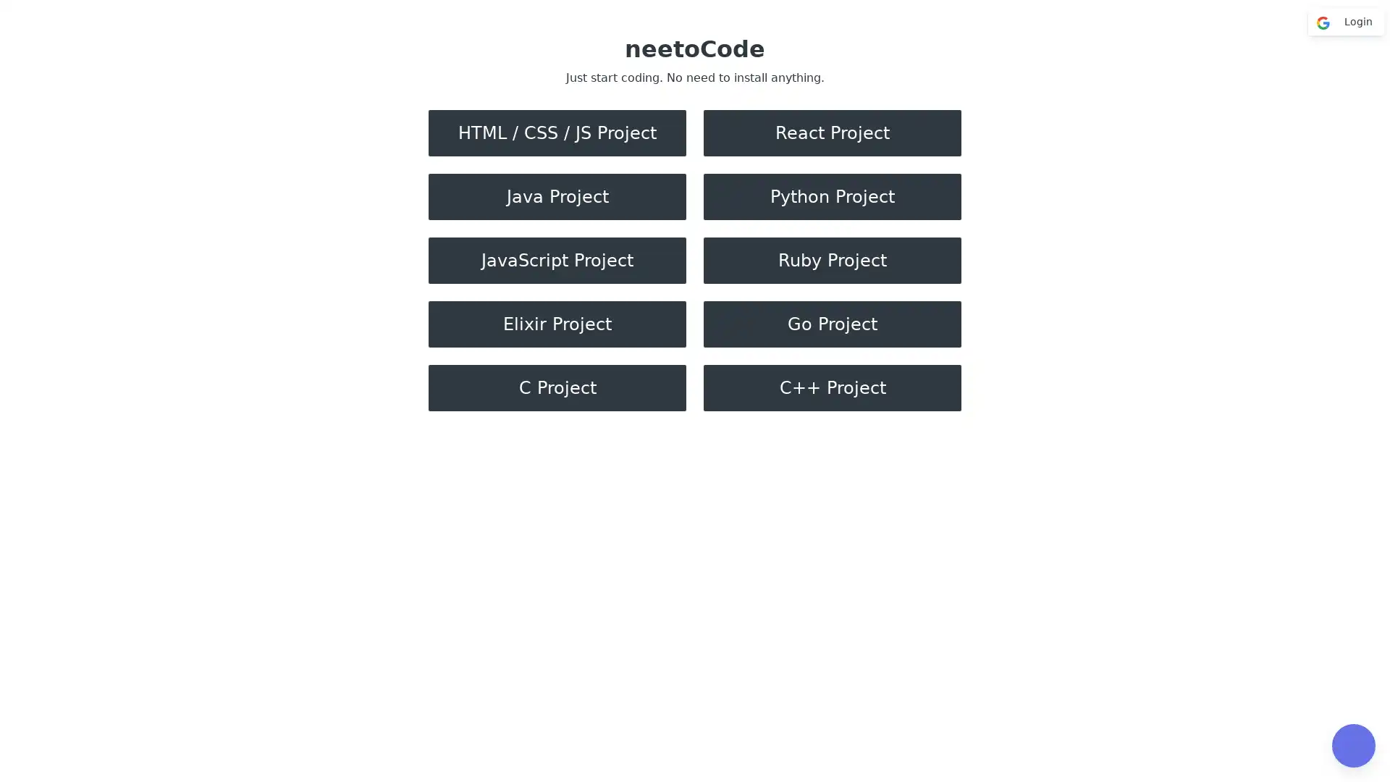 The height and width of the screenshot is (782, 1390). Describe the element at coordinates (833, 323) in the screenshot. I see `Go Project` at that location.